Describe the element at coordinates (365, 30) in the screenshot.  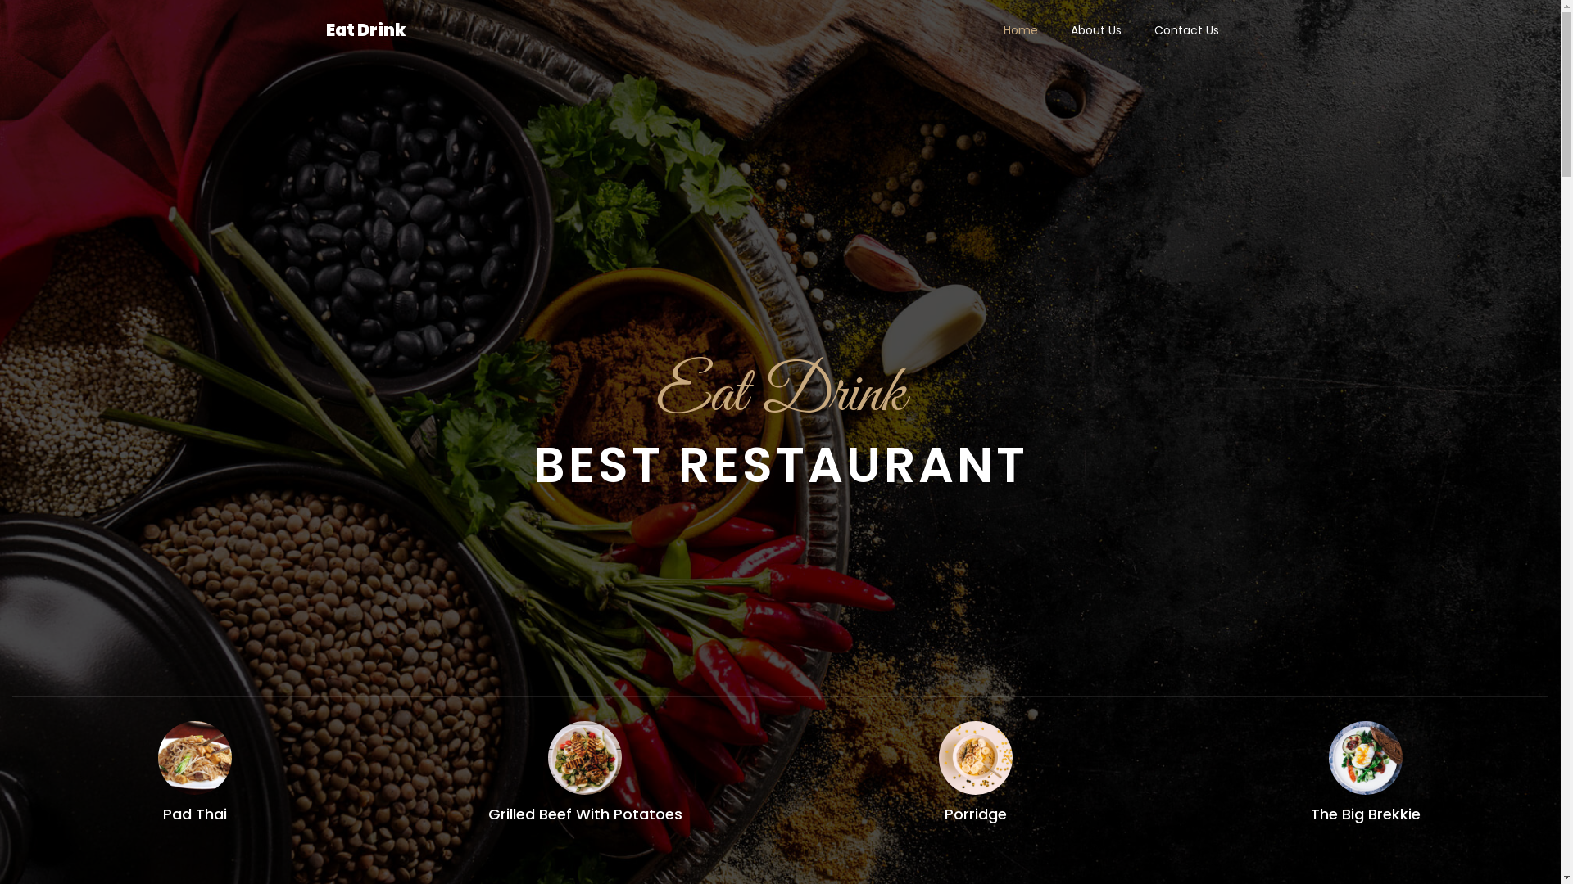
I see `'Eat Drink'` at that location.